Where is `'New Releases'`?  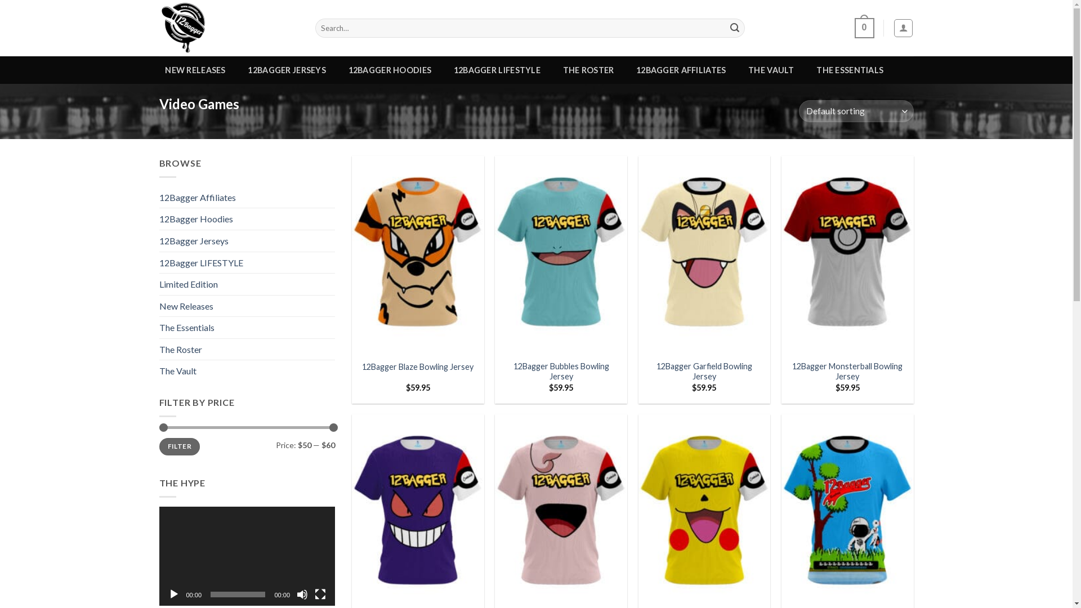
'New Releases' is located at coordinates (158, 306).